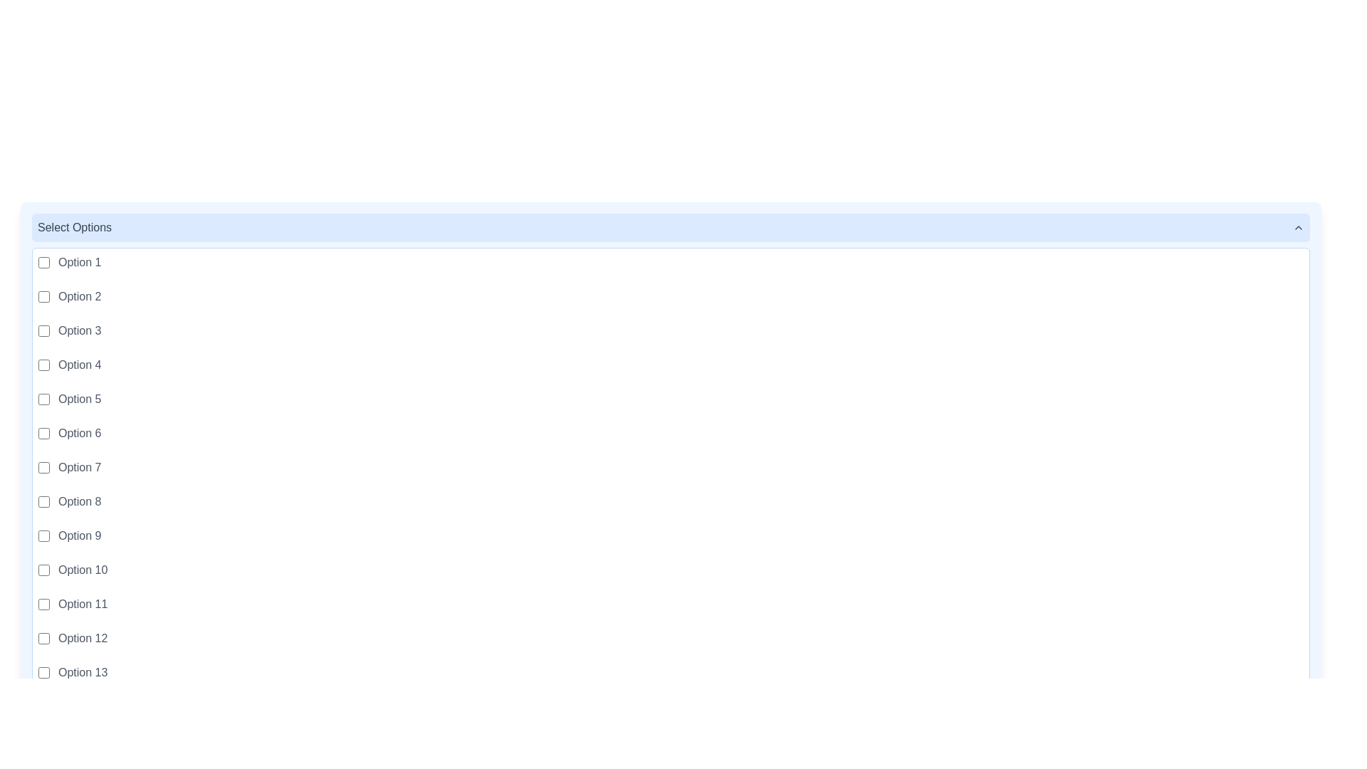 This screenshot has height=769, width=1367. I want to click on the text label associated with the interactive checkbox for the sixth selectable option in the options list, so click(79, 433).